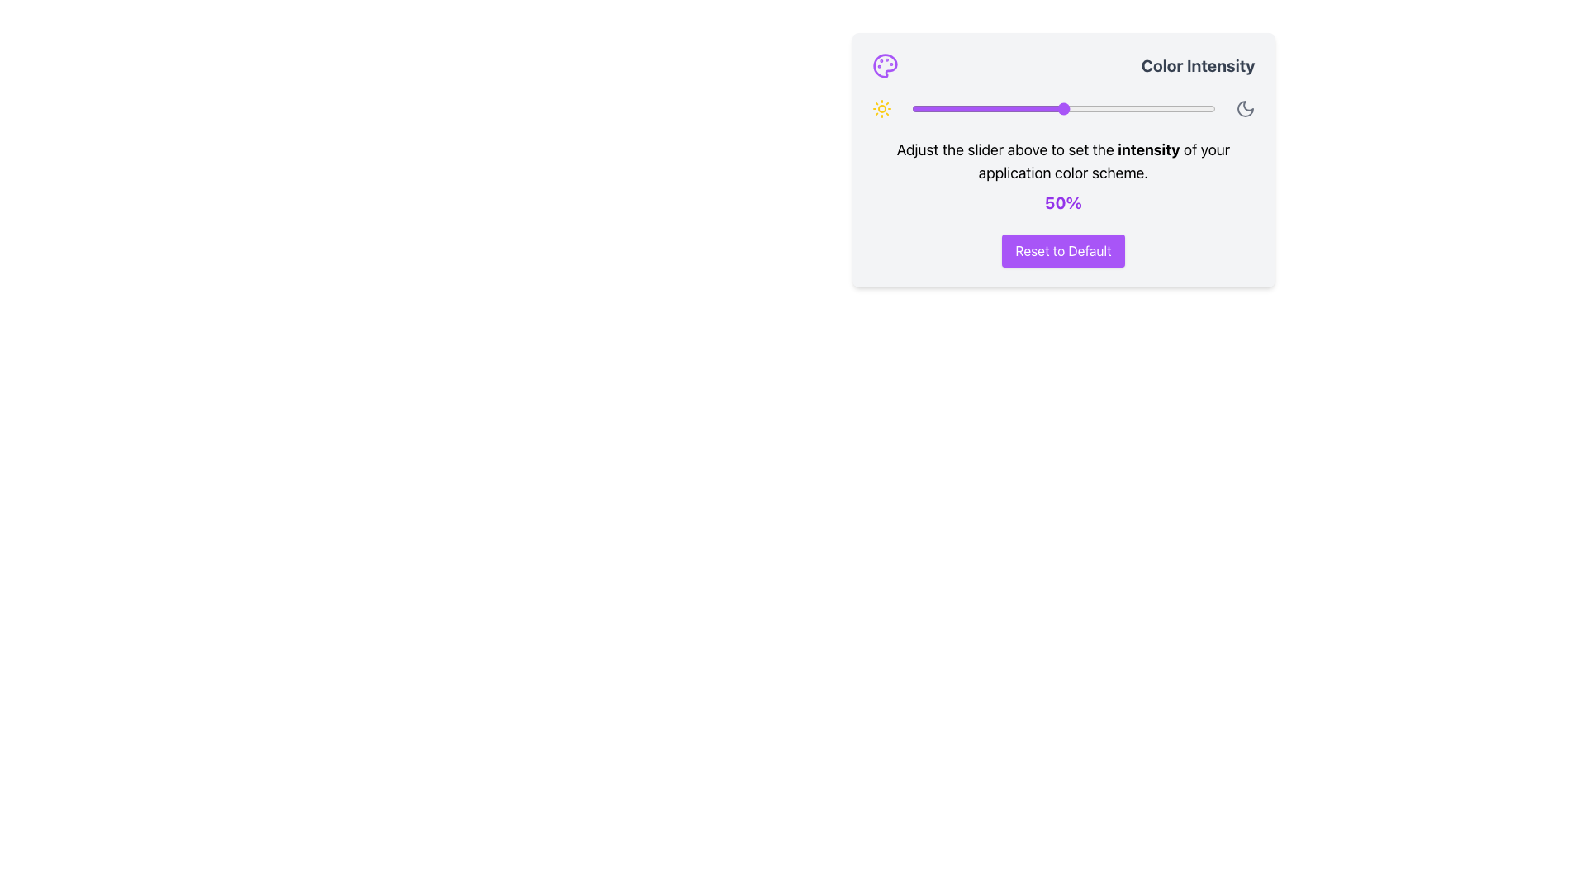 This screenshot has height=892, width=1586. What do you see at coordinates (1063, 202) in the screenshot?
I see `the text display showing '50%' in bold purple font, positioned at the bottom of a text block` at bounding box center [1063, 202].